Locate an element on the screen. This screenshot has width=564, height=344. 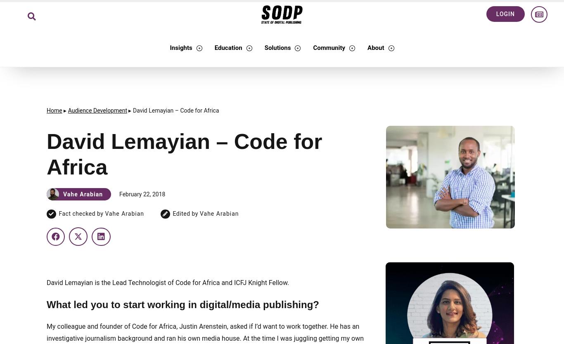
'February 22, 2018' is located at coordinates (142, 193).